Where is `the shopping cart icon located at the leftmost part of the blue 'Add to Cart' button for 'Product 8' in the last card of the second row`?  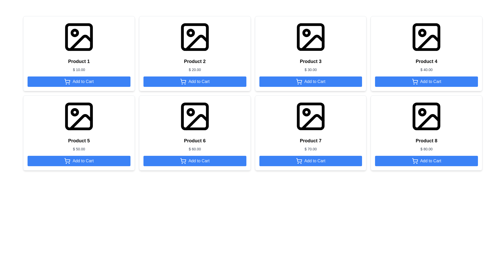 the shopping cart icon located at the leftmost part of the blue 'Add to Cart' button for 'Product 8' in the last card of the second row is located at coordinates (415, 160).